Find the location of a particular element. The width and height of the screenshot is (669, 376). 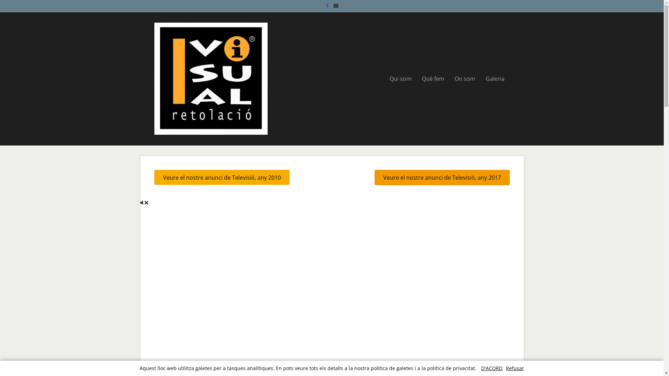

'On som' is located at coordinates (465, 78).